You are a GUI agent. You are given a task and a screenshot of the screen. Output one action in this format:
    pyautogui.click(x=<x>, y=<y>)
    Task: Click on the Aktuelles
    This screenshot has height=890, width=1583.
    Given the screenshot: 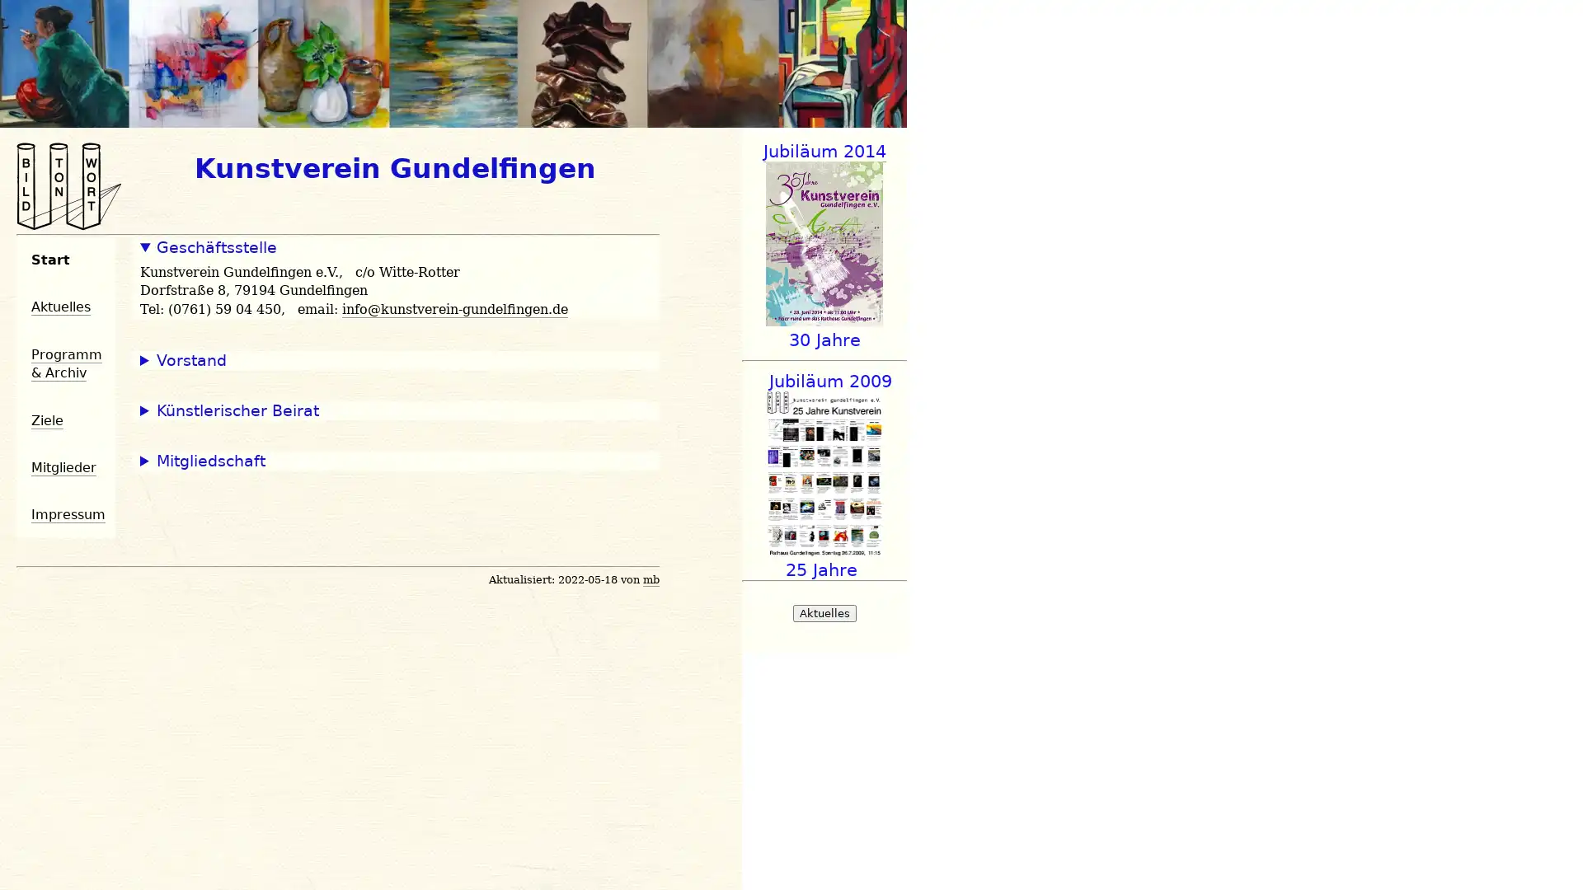 What is the action you would take?
    pyautogui.click(x=824, y=613)
    